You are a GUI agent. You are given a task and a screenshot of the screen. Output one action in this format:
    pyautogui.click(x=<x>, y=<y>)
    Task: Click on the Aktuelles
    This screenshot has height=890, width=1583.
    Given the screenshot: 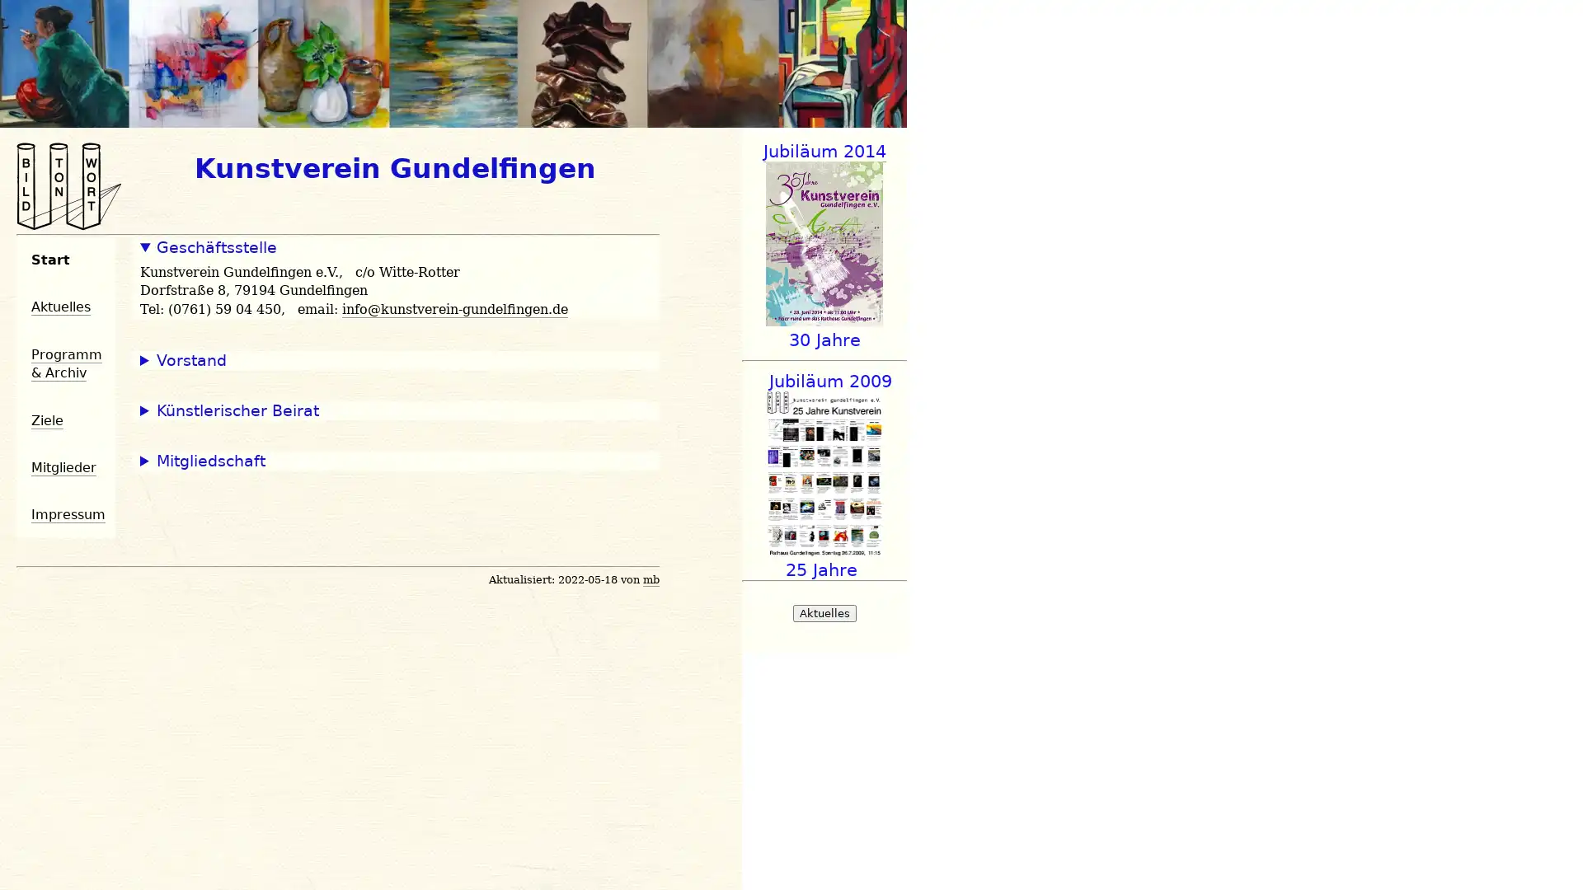 What is the action you would take?
    pyautogui.click(x=824, y=613)
    